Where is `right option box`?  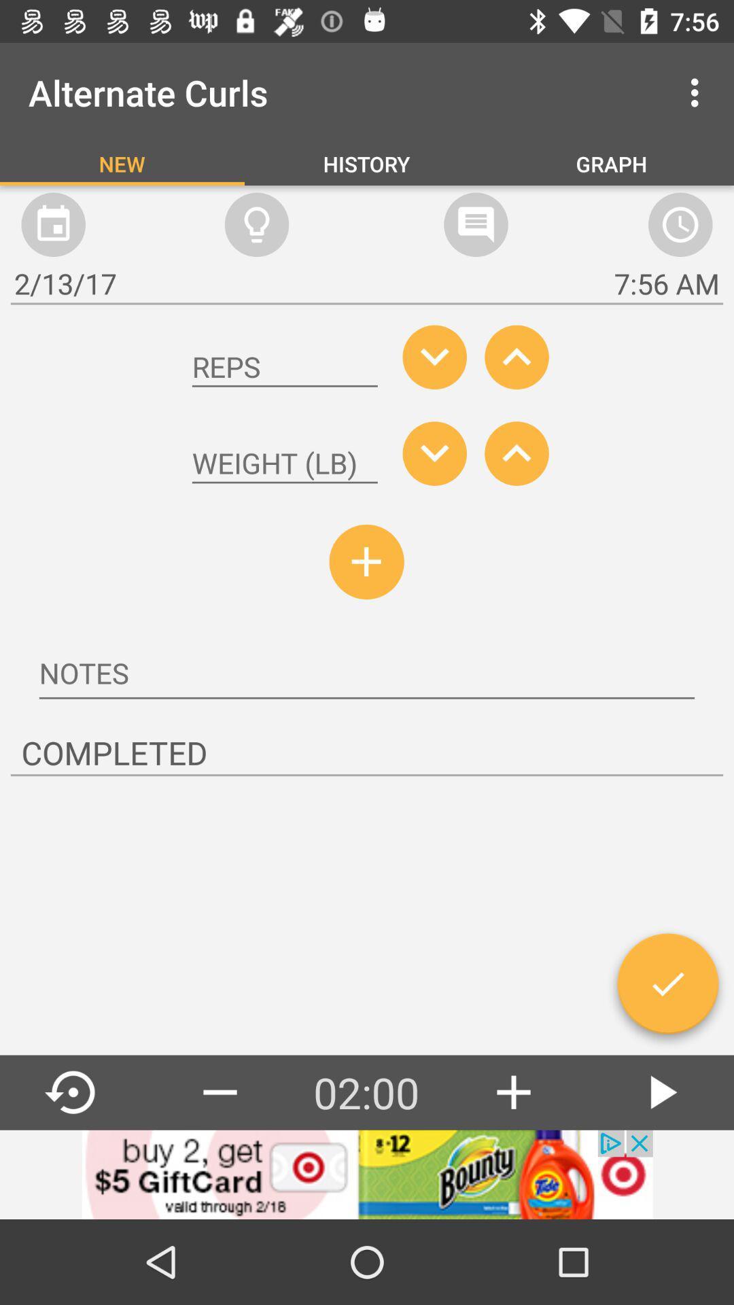
right option box is located at coordinates (667, 989).